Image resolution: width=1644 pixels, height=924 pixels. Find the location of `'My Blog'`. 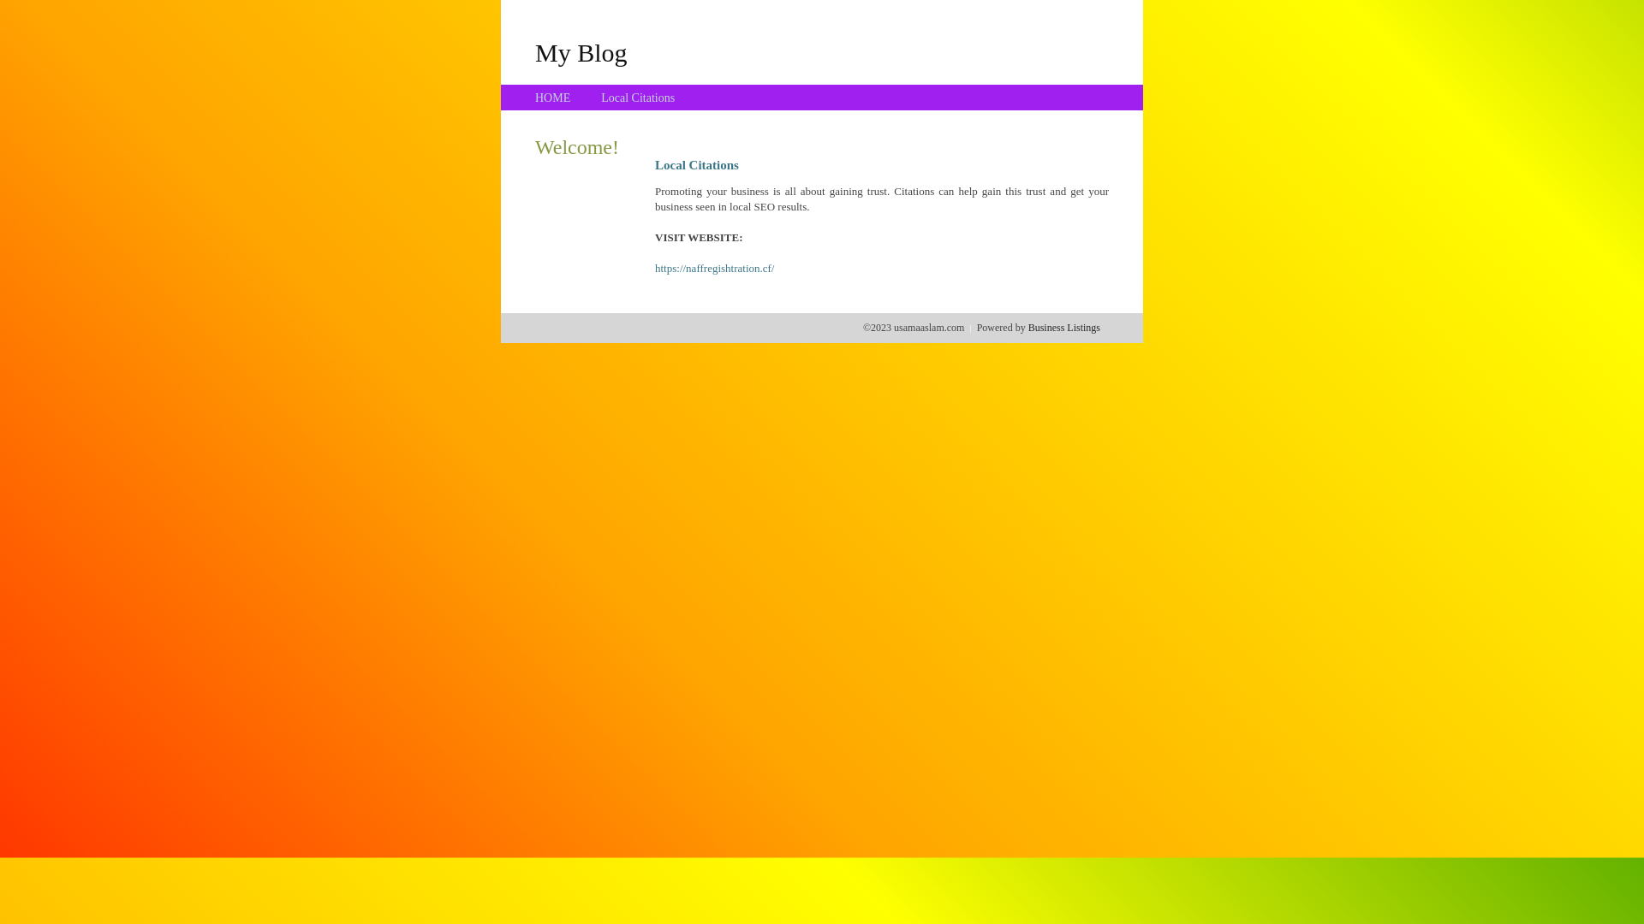

'My Blog' is located at coordinates (533, 51).